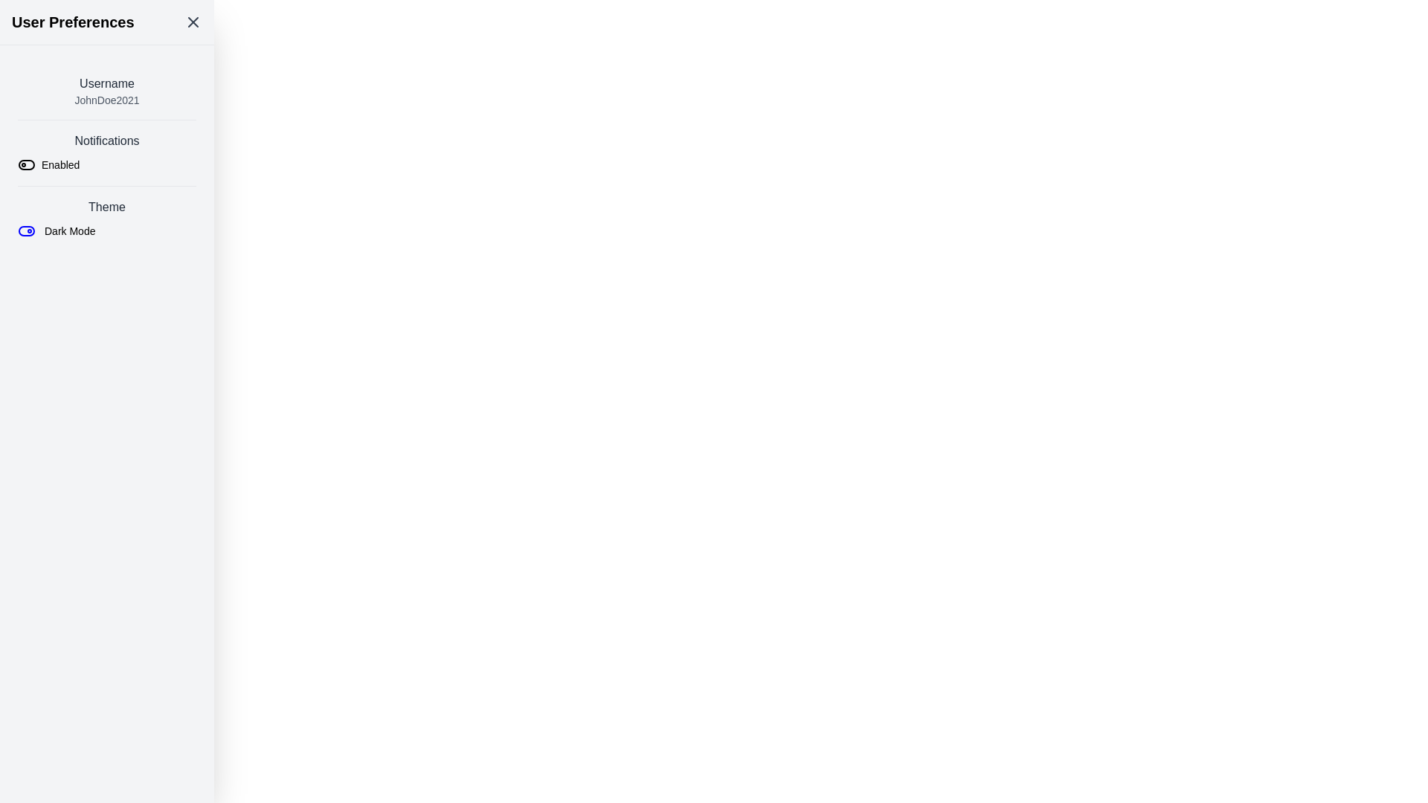 The image size is (1428, 803). Describe the element at coordinates (106, 91) in the screenshot. I see `the username identifier text block located at the top of the 'User Preferences' section` at that location.